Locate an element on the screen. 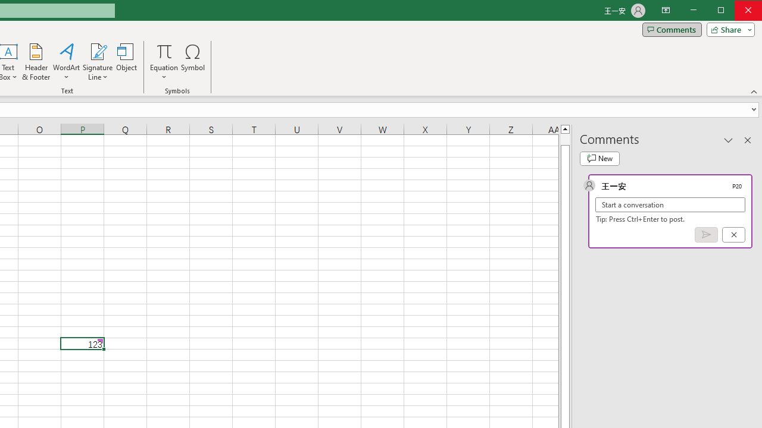 This screenshot has height=428, width=762. 'Start a conversation' is located at coordinates (670, 204).